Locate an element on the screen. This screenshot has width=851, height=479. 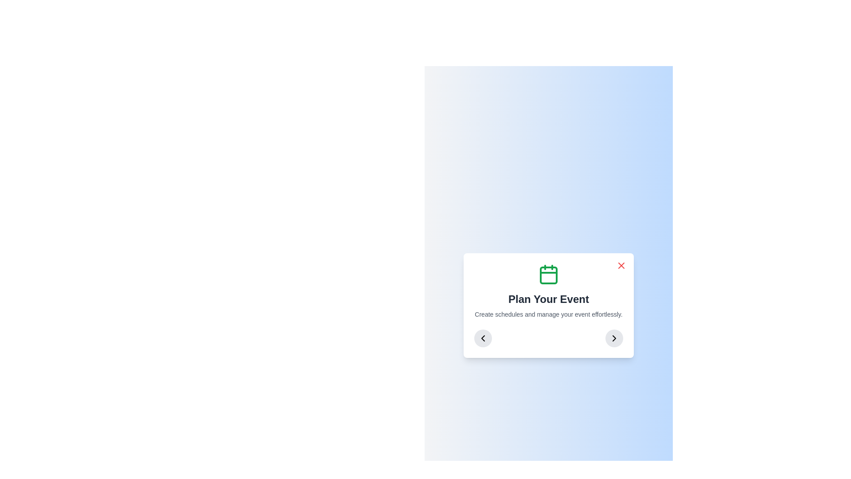
the central marker of the Navigation control in the 'Plan Your Event' dialog box for selection or confirmation is located at coordinates (548, 338).